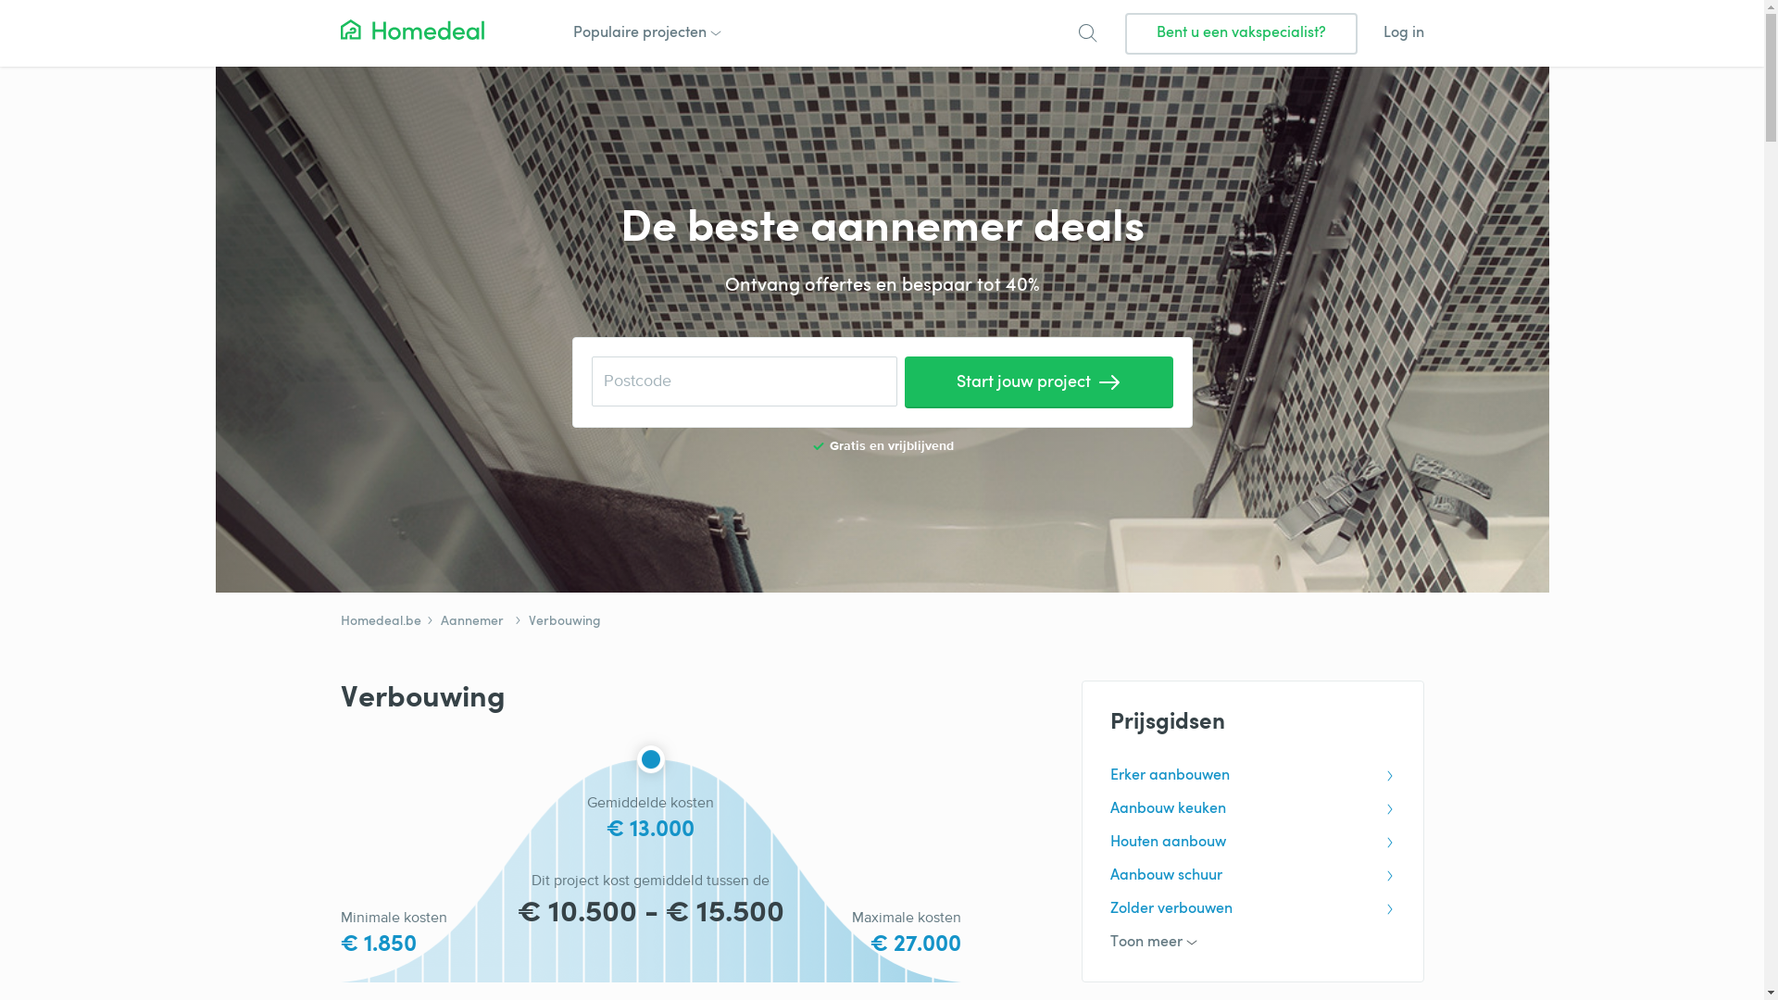 This screenshot has width=1778, height=1000. Describe the element at coordinates (1404, 33) in the screenshot. I see `'Log in'` at that location.